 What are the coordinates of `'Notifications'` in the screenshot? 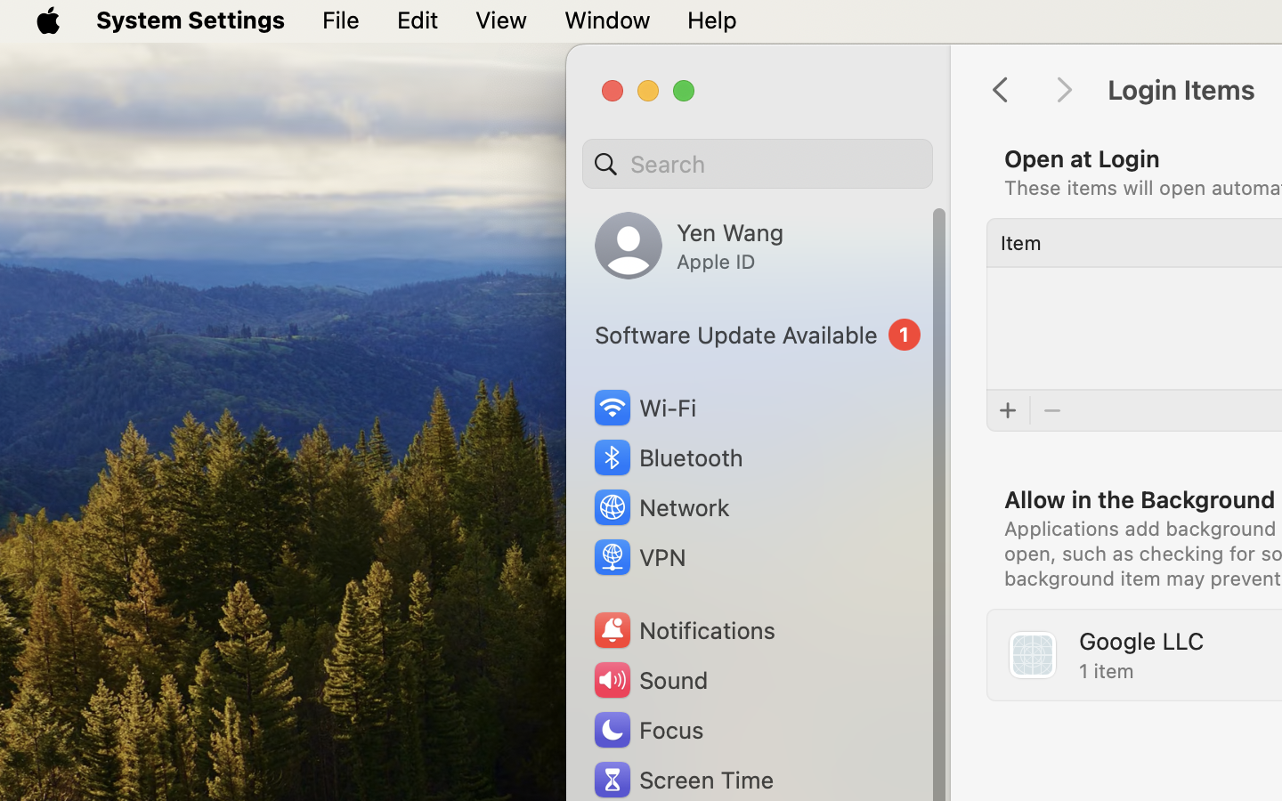 It's located at (682, 629).